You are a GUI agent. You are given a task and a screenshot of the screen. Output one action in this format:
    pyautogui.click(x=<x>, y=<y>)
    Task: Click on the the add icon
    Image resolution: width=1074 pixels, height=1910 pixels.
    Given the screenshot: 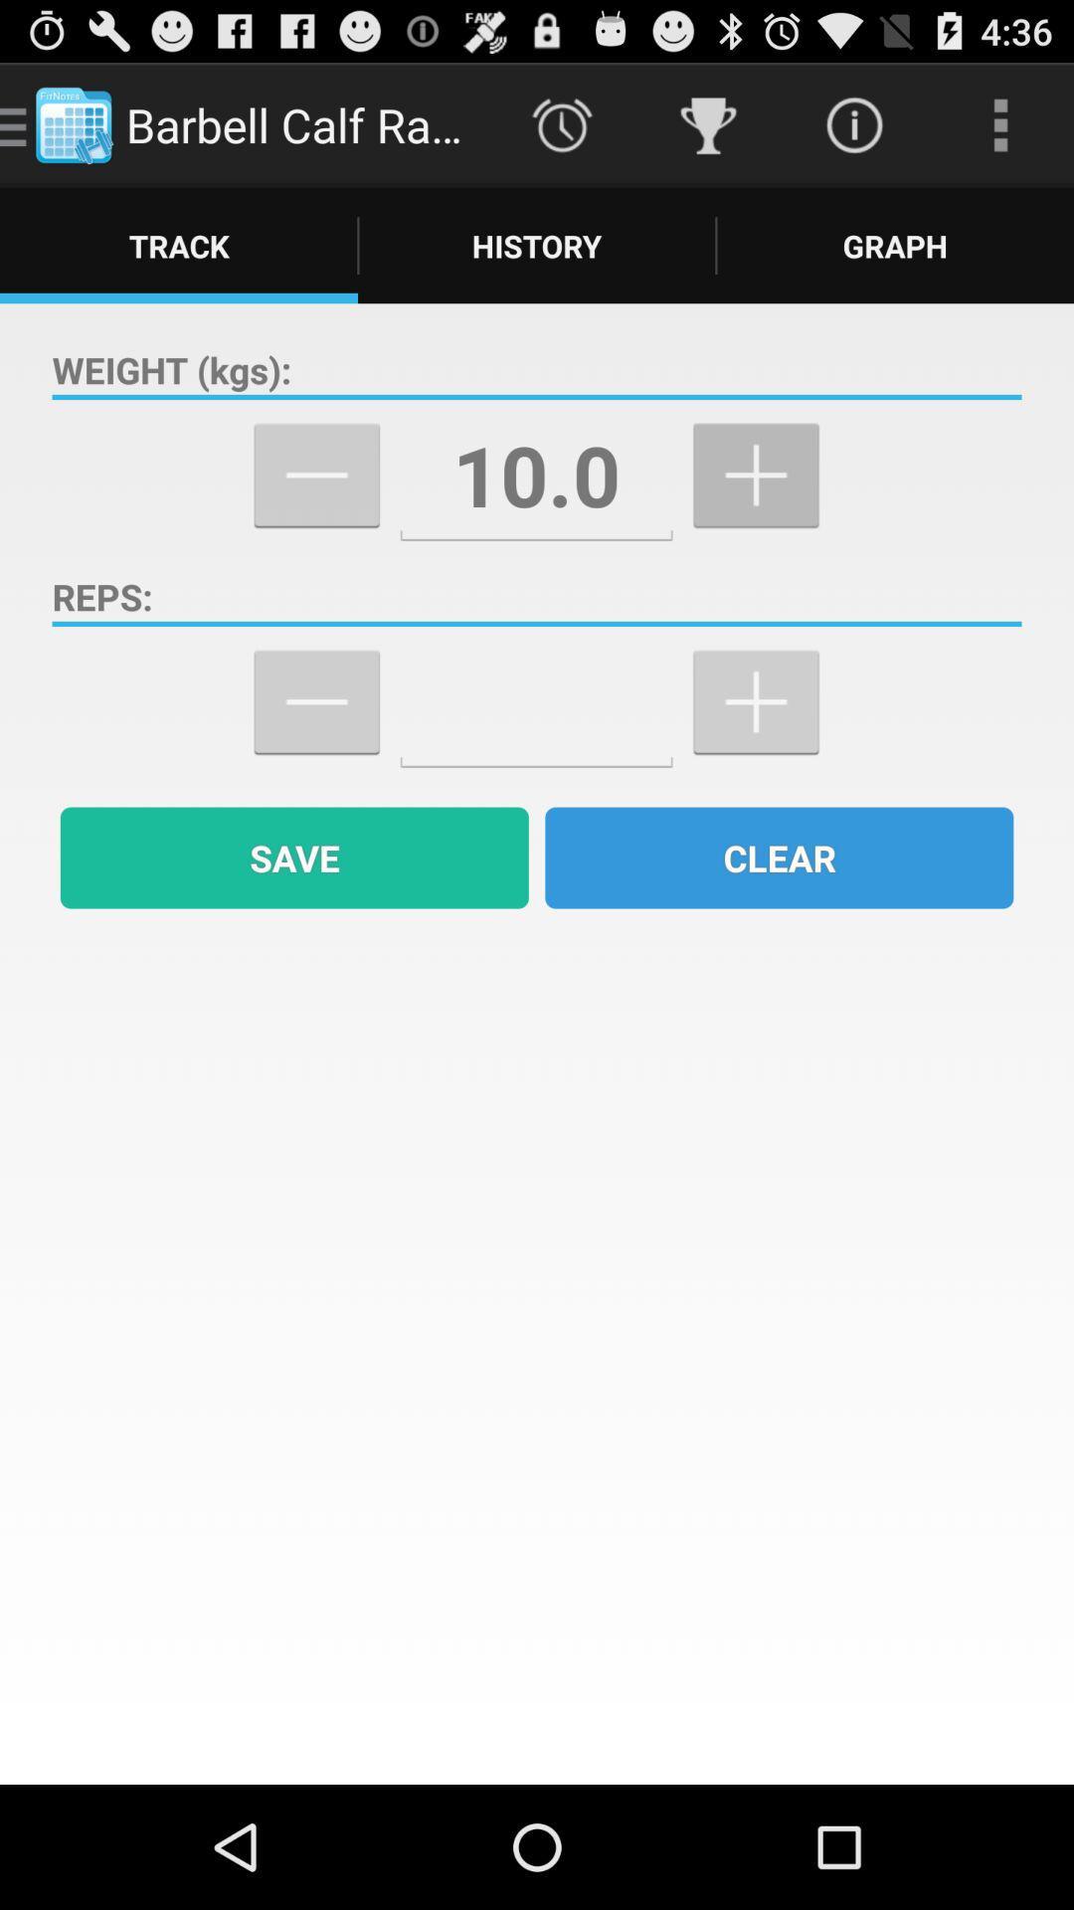 What is the action you would take?
    pyautogui.click(x=756, y=750)
    